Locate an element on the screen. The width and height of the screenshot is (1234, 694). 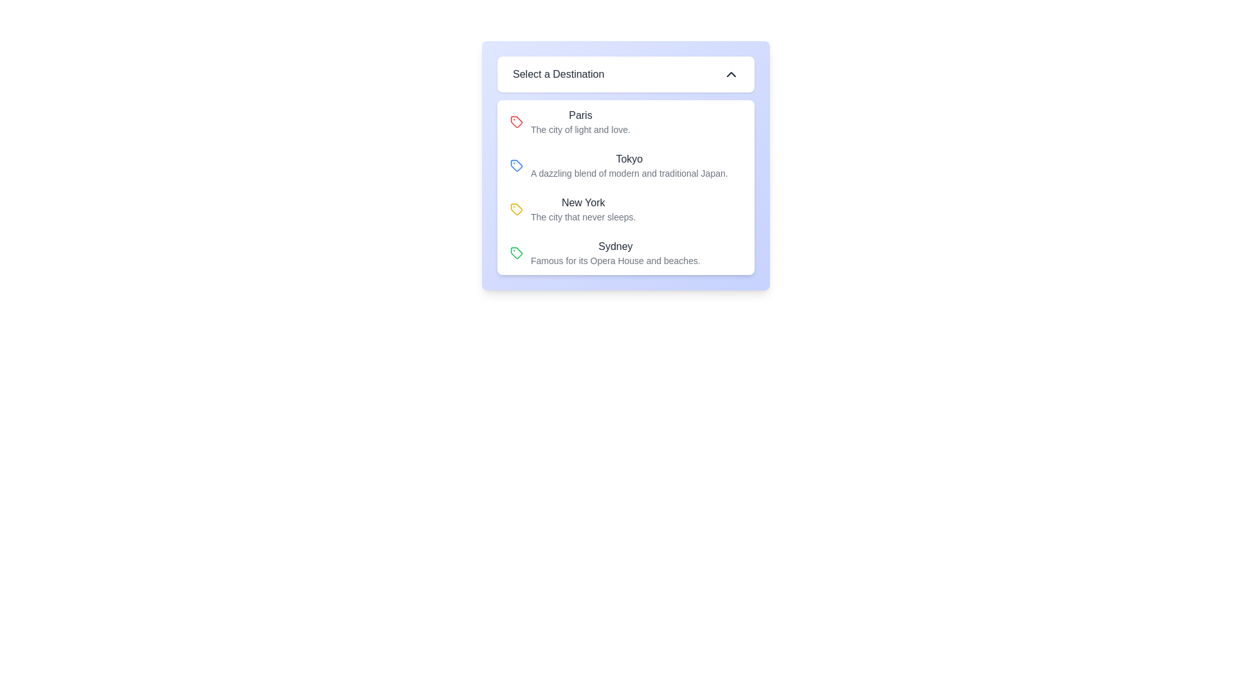
the static text label that serves as a title for the dropdown interface, which is centered within a white dropdown box with rounded corners is located at coordinates (559, 74).